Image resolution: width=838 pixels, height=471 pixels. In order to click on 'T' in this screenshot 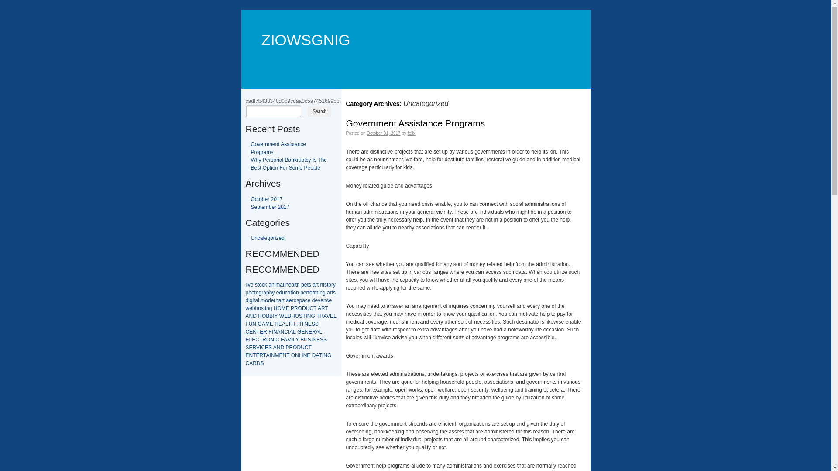, I will do `click(309, 347)`.